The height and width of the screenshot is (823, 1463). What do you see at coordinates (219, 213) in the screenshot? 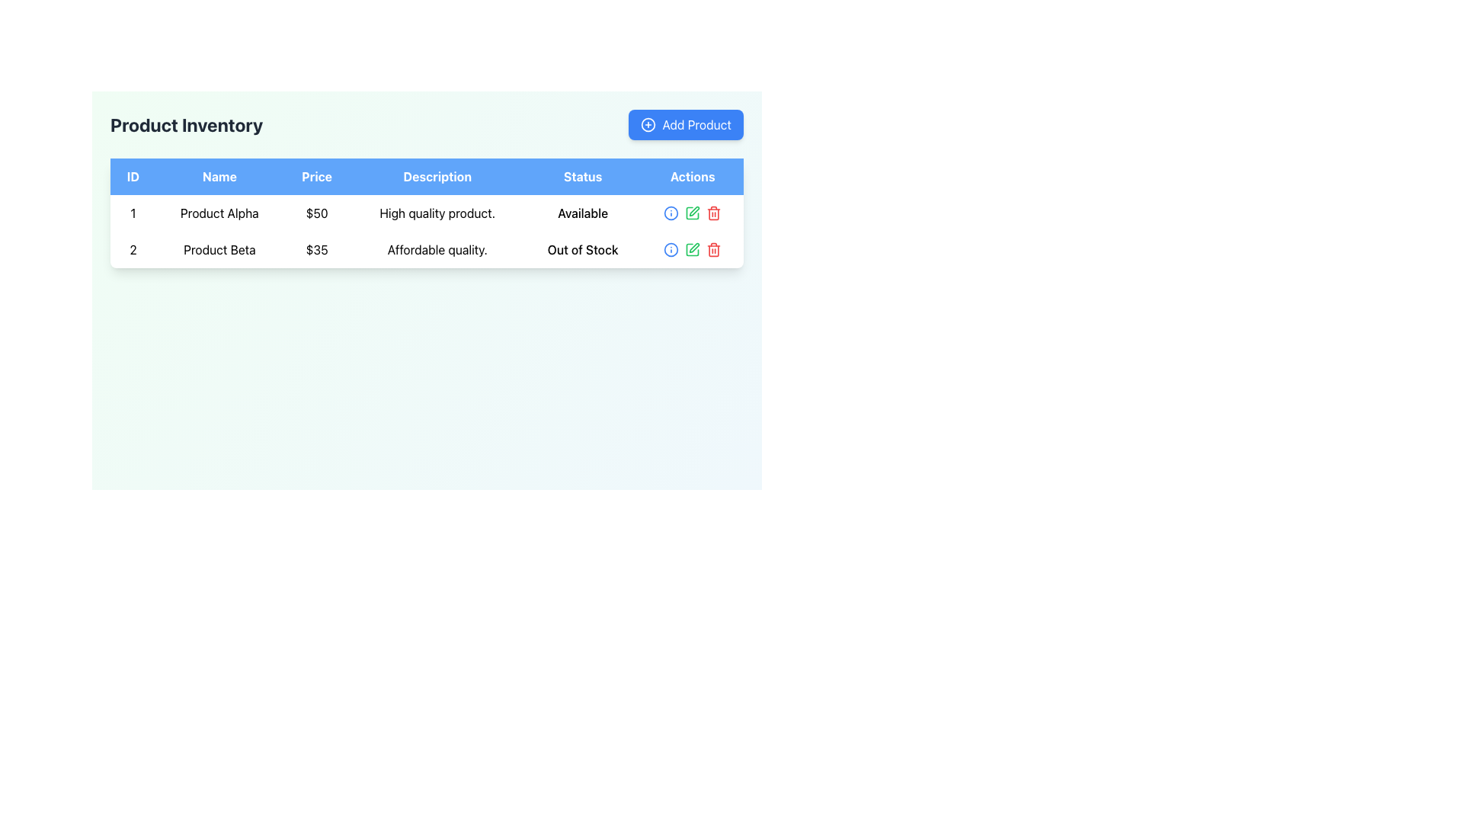
I see `the static text label representing 'Product Alpha' in the first row of the data table, which is aligned between the 'ID' and 'Price' columns` at bounding box center [219, 213].